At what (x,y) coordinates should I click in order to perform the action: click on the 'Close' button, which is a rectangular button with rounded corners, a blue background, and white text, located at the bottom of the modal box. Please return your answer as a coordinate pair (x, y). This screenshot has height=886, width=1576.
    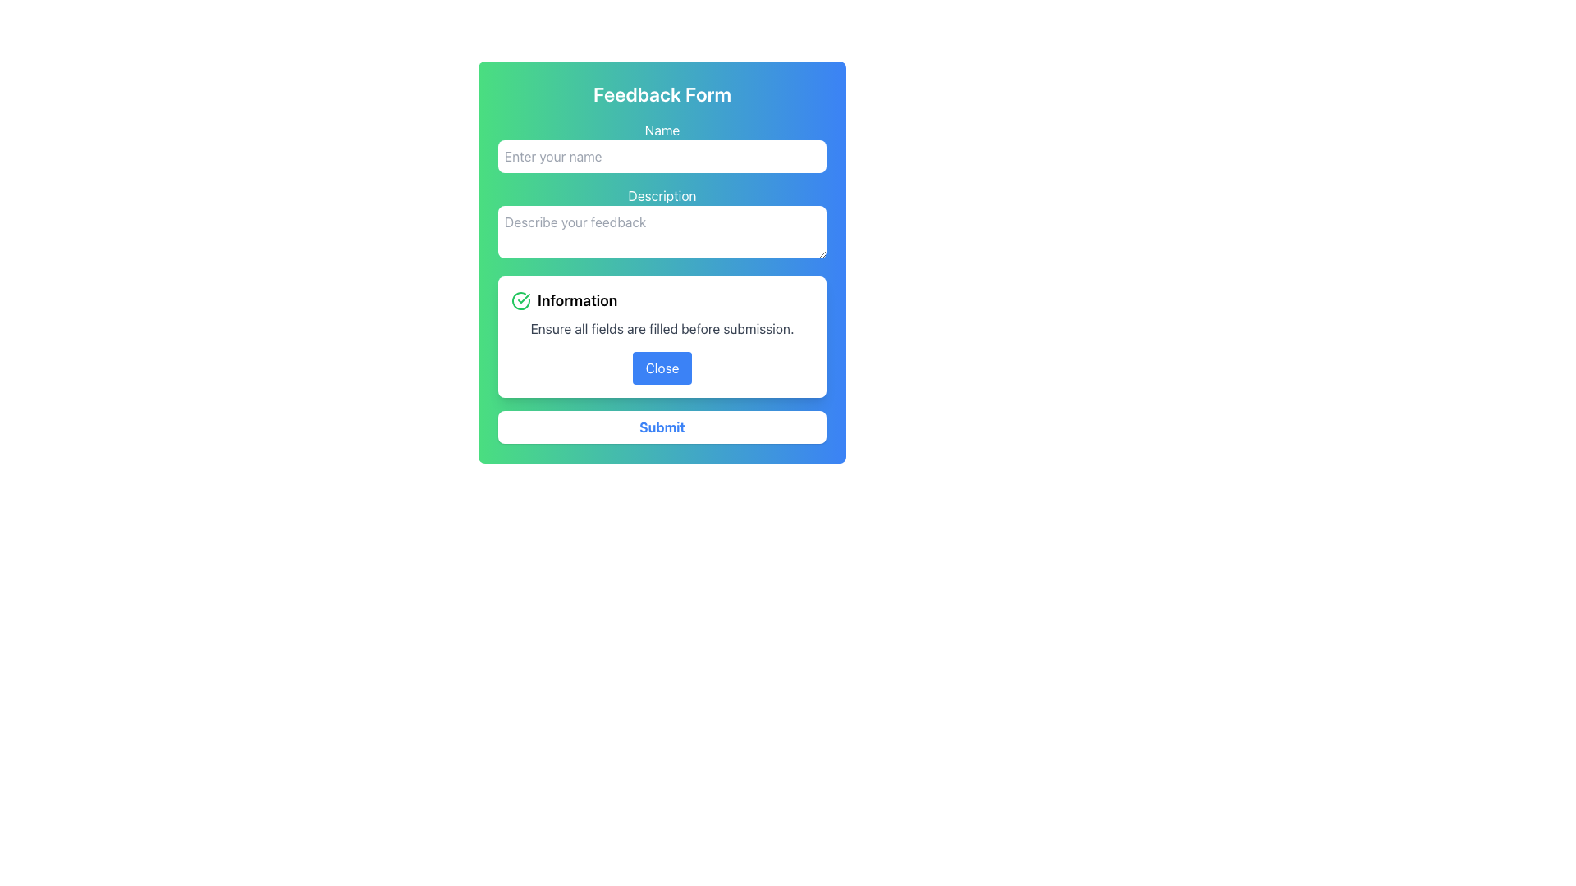
    Looking at the image, I should click on (662, 367).